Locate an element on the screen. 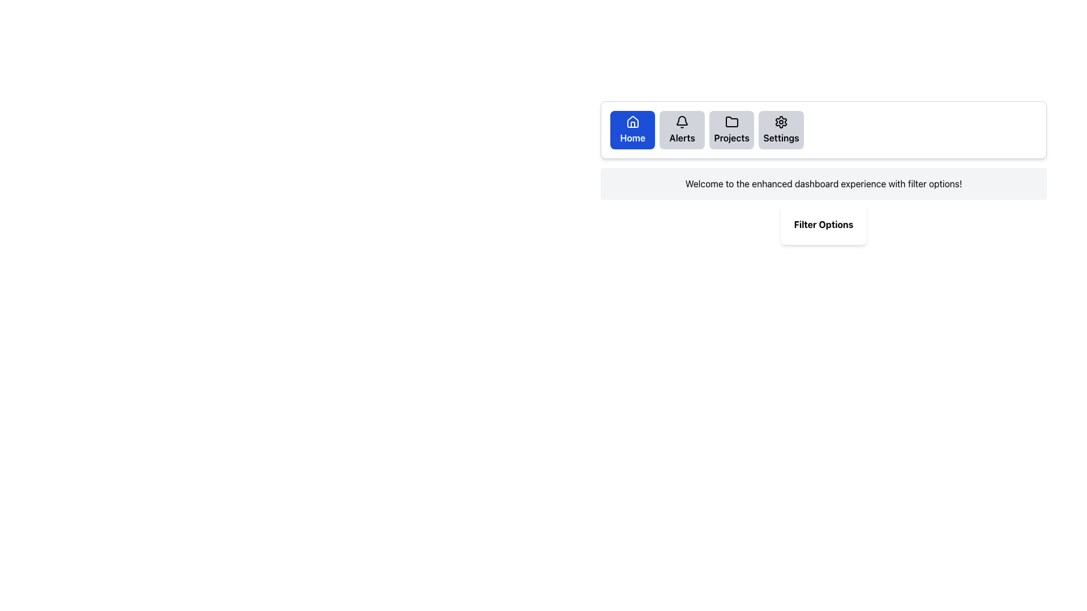  the 'Settings' button with a gear icon located at the far right of the horizontal navigation bar is located at coordinates (781, 130).